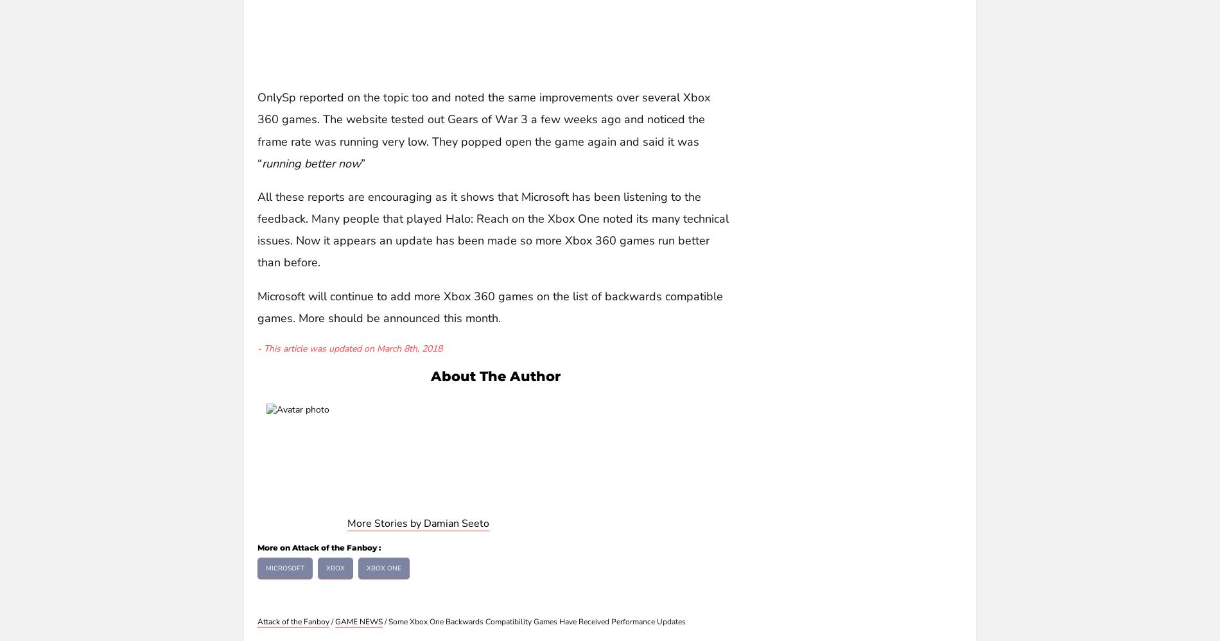  Describe the element at coordinates (494, 375) in the screenshot. I see `'About The Author'` at that location.